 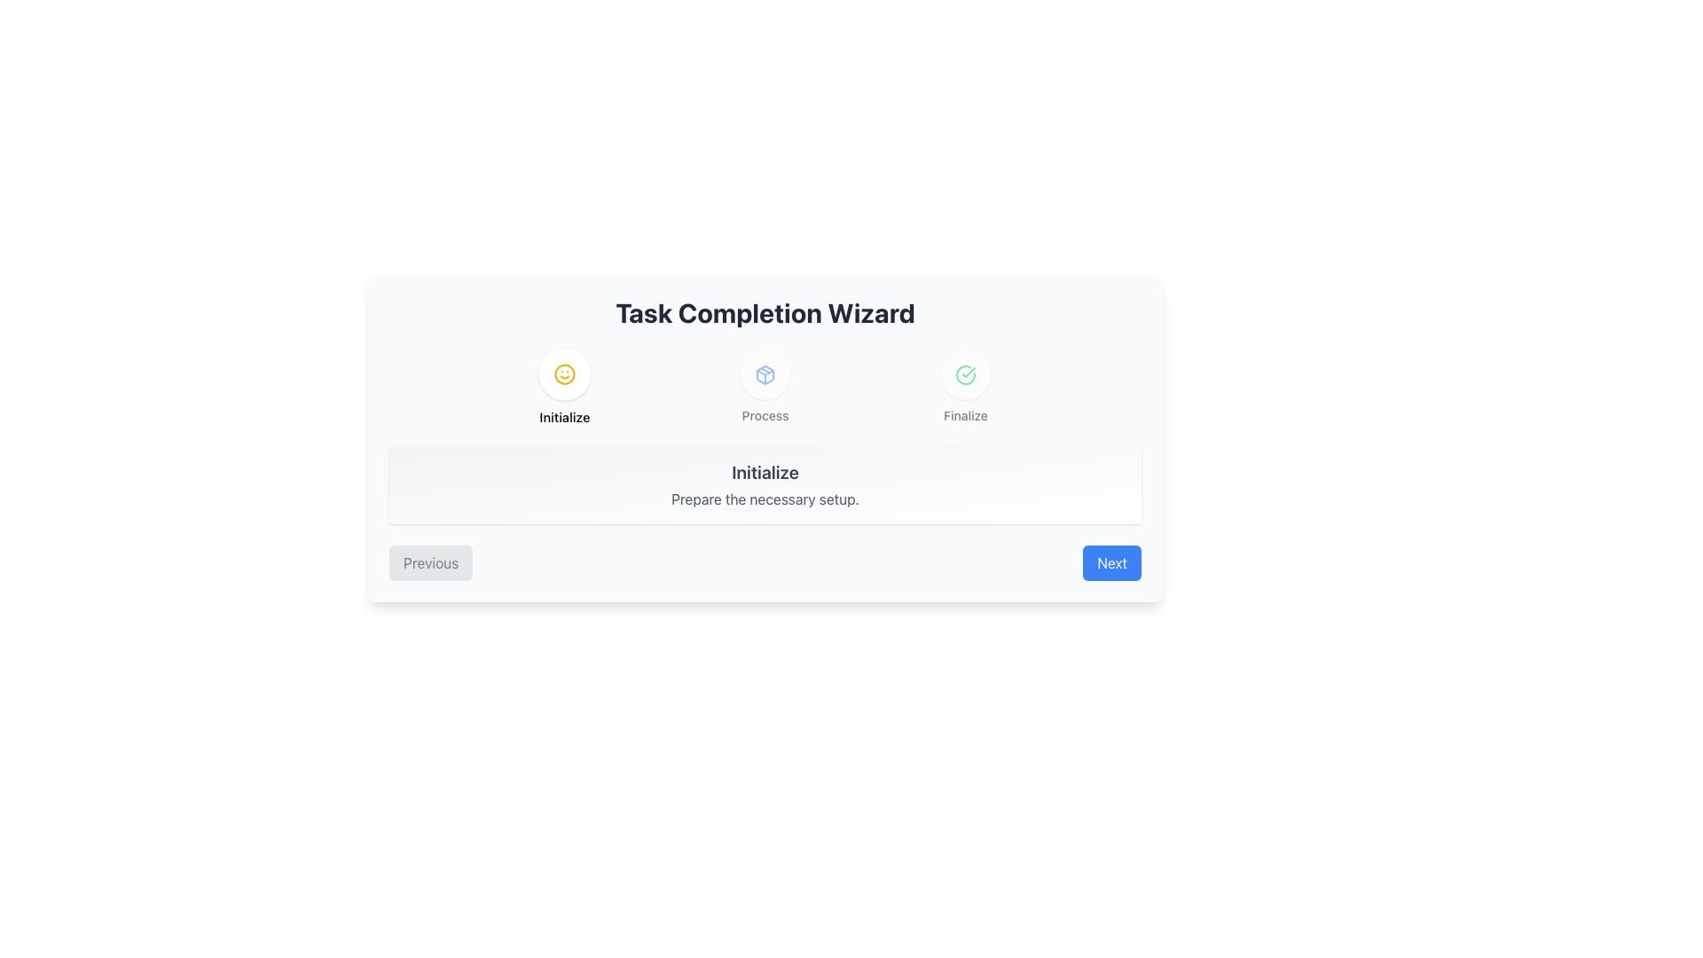 What do you see at coordinates (965, 374) in the screenshot?
I see `the 'Finalize' indicator icon, which features a green checkmark and is positioned in the top navigation area of the interface` at bounding box center [965, 374].